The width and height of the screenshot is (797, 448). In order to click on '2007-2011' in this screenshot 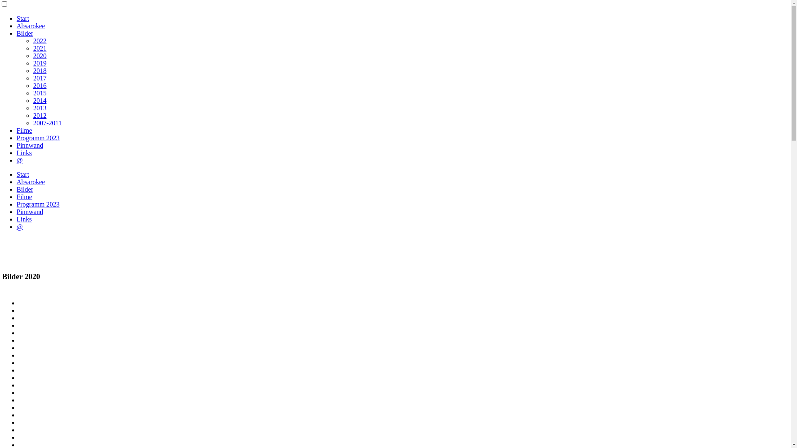, I will do `click(47, 123)`.